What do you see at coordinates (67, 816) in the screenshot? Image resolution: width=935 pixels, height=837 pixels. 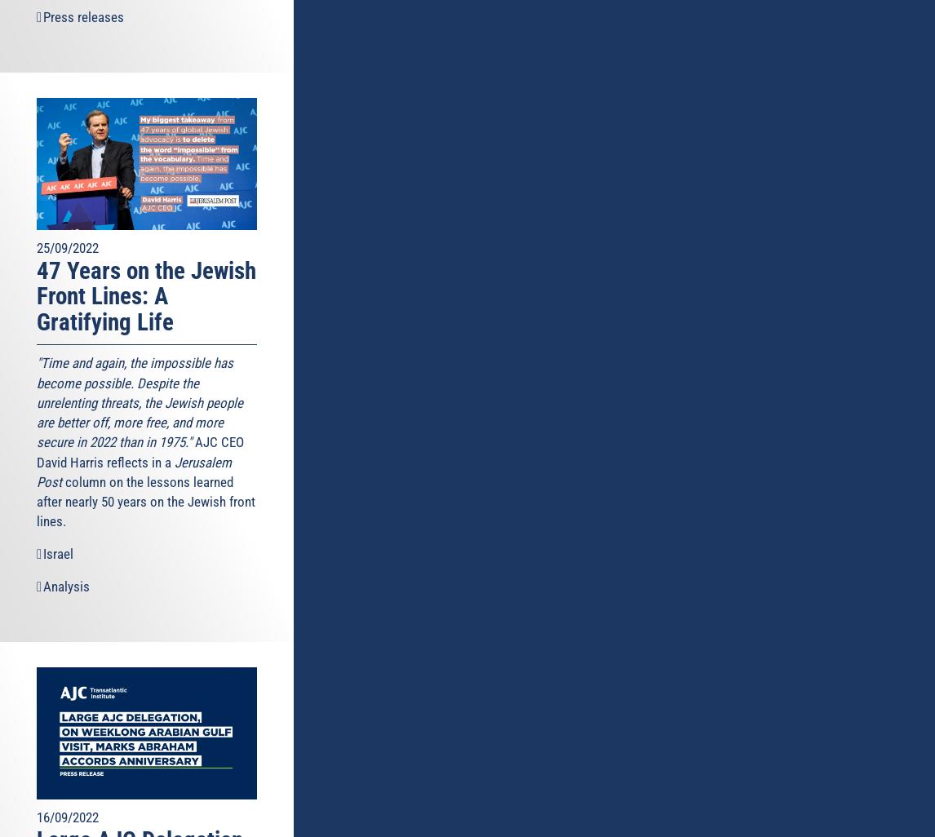 I see `'16/09/2022'` at bounding box center [67, 816].